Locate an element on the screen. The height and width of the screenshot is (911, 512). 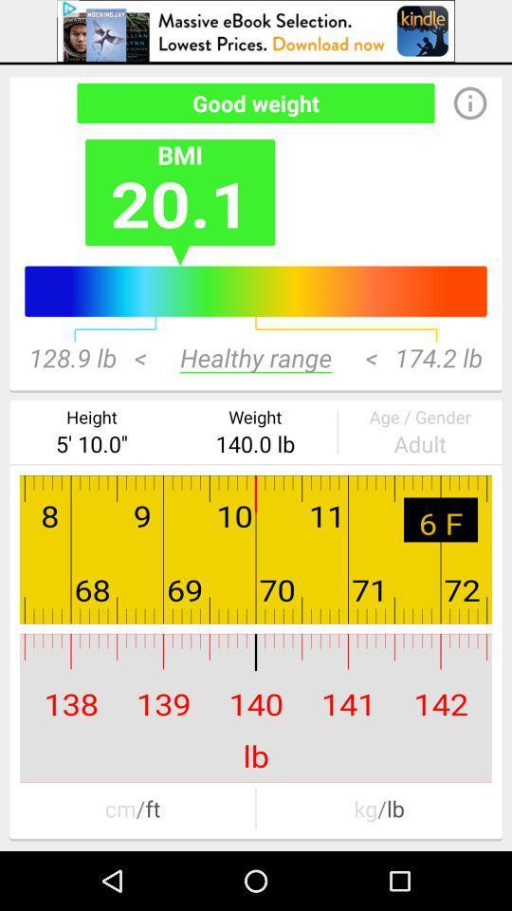
the info icon is located at coordinates (460, 102).